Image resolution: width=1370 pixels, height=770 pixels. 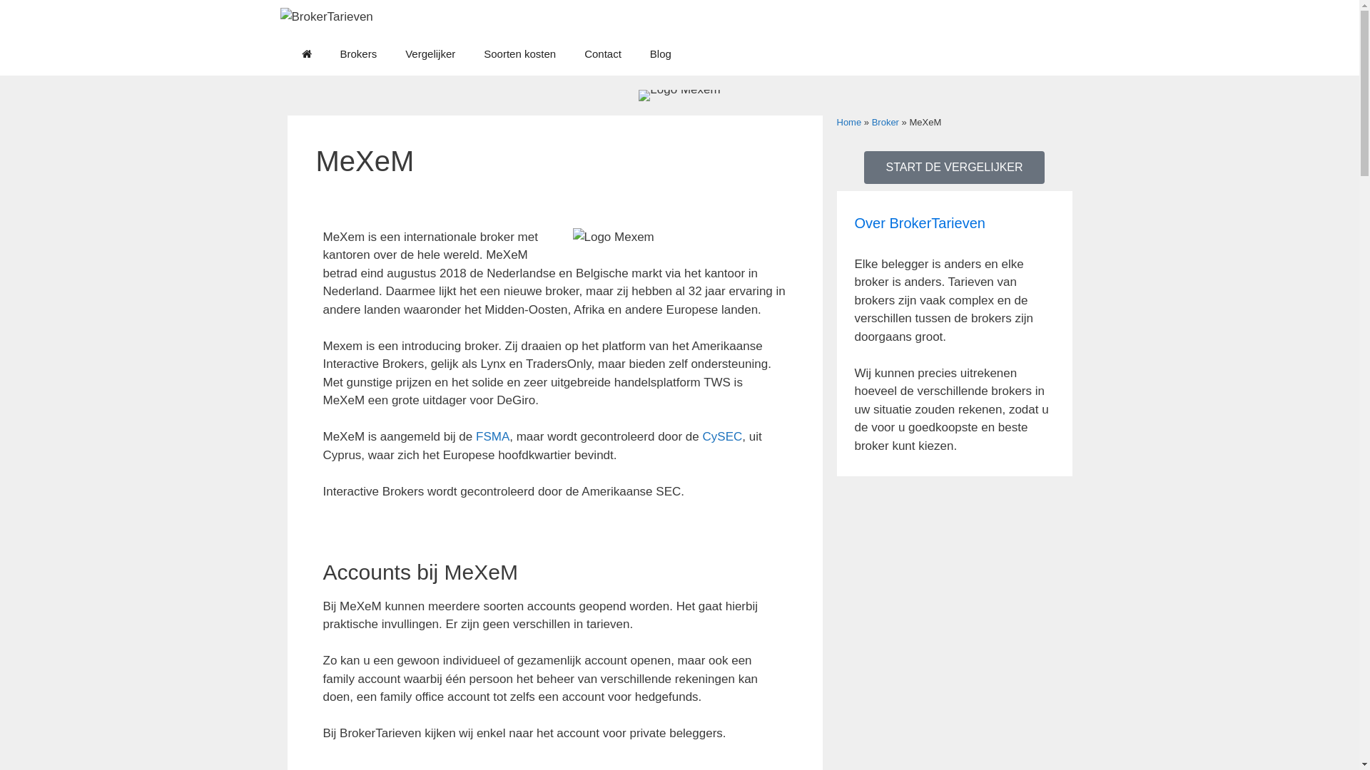 I want to click on 'CySEC', so click(x=722, y=436).